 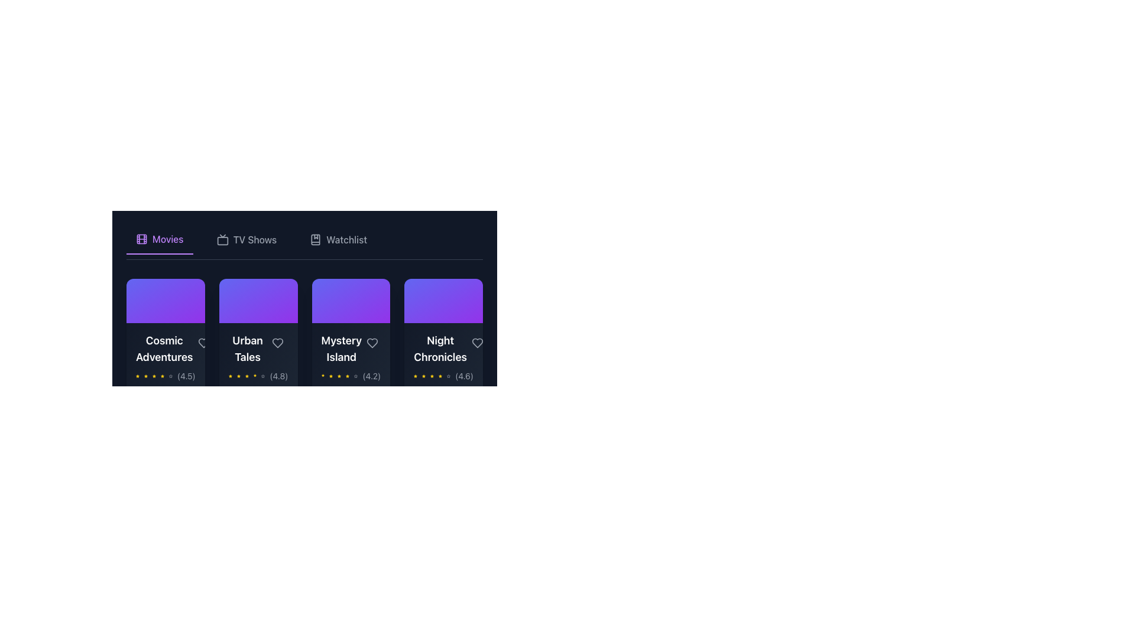 I want to click on the fifth star-shaped icon indicating an inactive rating for the movie 'Mystery Island.', so click(x=355, y=376).